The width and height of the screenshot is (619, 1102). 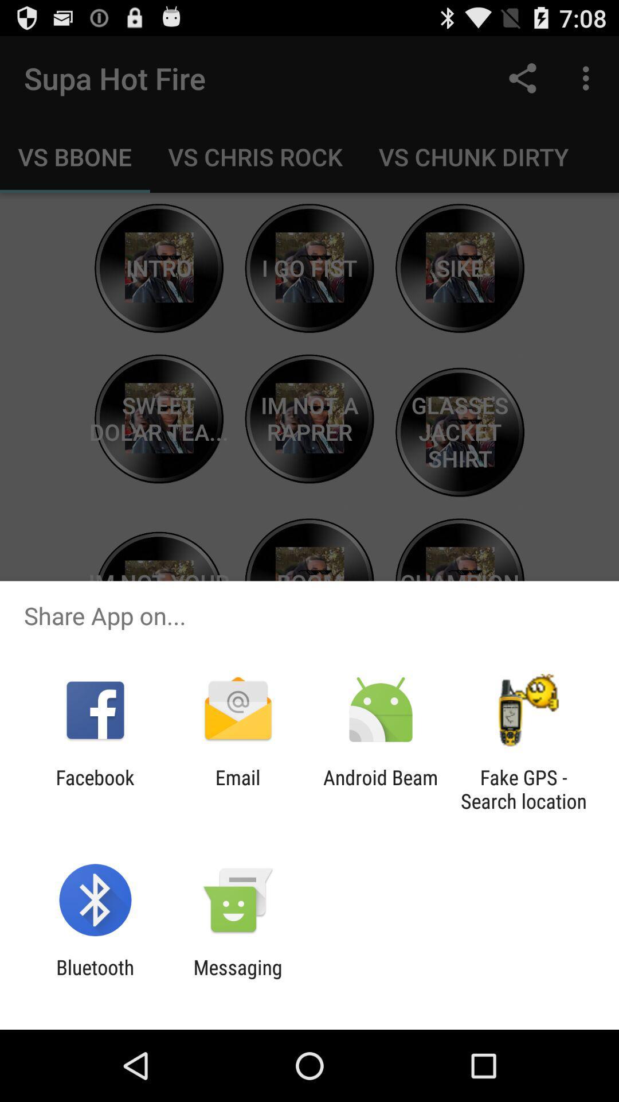 What do you see at coordinates (381, 789) in the screenshot?
I see `the app next to email app` at bounding box center [381, 789].